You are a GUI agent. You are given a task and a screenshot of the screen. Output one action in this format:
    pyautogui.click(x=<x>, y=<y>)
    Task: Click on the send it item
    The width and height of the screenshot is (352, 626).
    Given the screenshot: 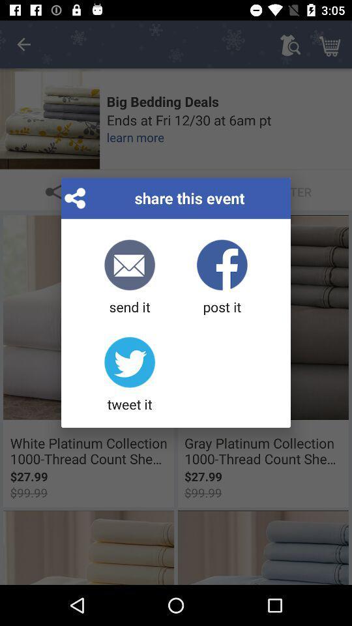 What is the action you would take?
    pyautogui.click(x=130, y=278)
    